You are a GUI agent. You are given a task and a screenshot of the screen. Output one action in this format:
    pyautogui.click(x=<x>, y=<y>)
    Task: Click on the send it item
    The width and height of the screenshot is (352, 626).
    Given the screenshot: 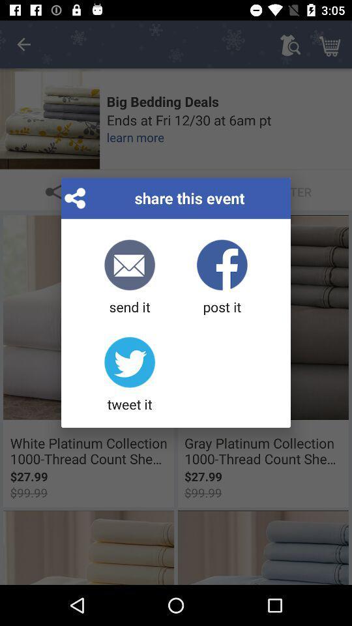 What is the action you would take?
    pyautogui.click(x=130, y=278)
    